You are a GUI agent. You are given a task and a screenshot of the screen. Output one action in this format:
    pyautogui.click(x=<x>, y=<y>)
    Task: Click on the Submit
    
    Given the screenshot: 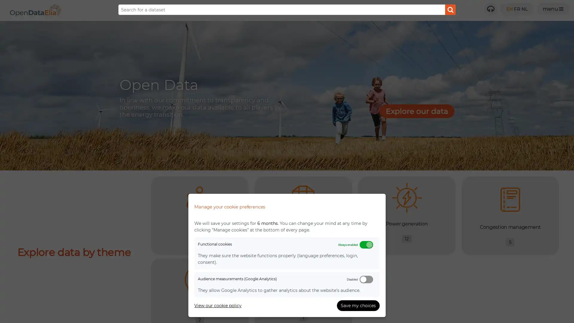 What is the action you would take?
    pyautogui.click(x=450, y=10)
    